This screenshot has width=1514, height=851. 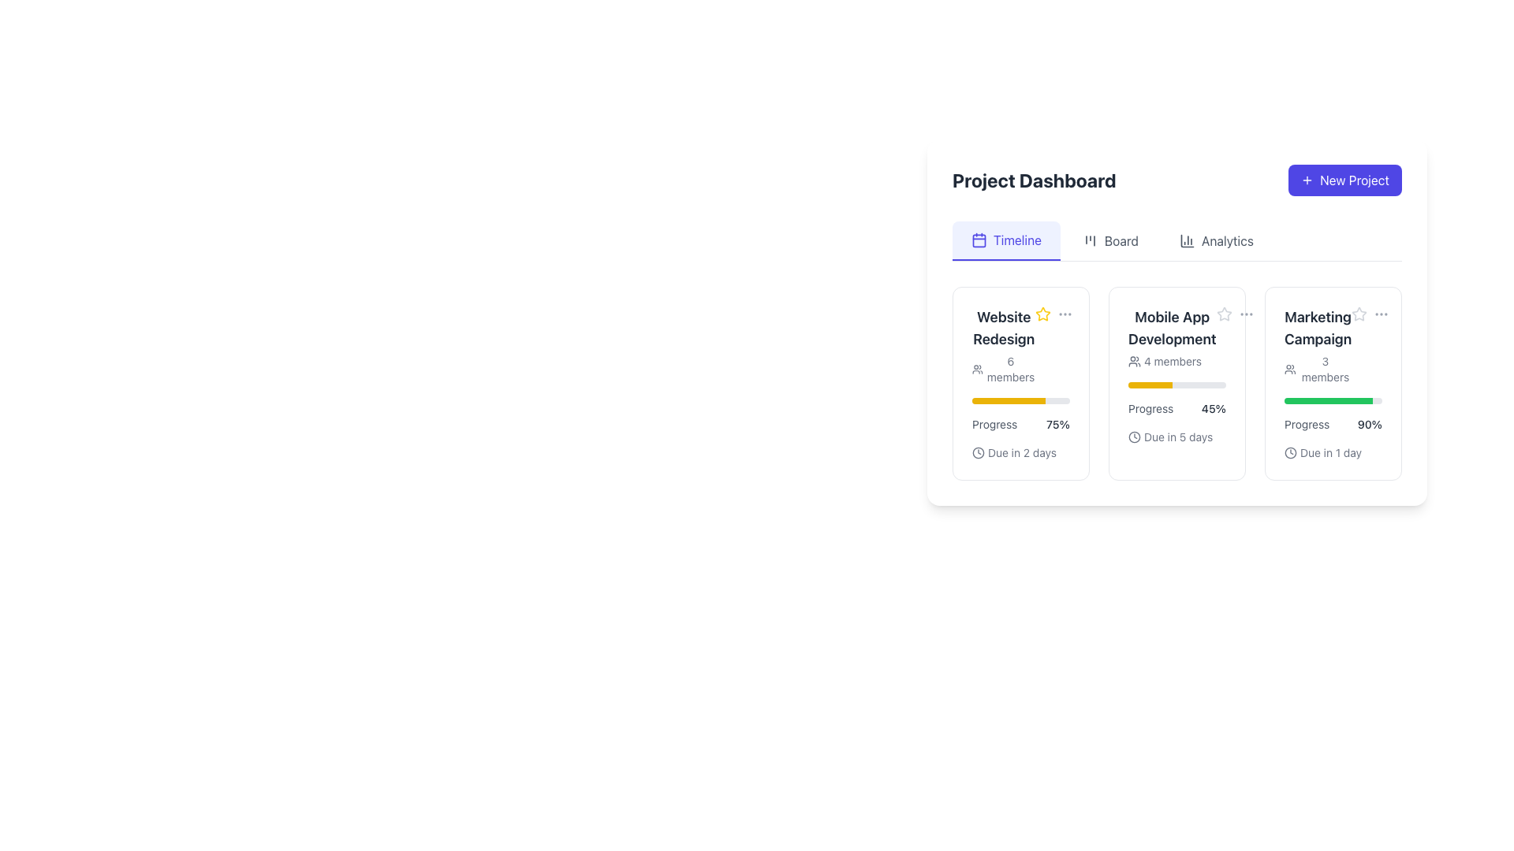 What do you see at coordinates (1178, 437) in the screenshot?
I see `the due date text displayed below the progress bar in the 'Mobile App Development' card on the dashboard` at bounding box center [1178, 437].